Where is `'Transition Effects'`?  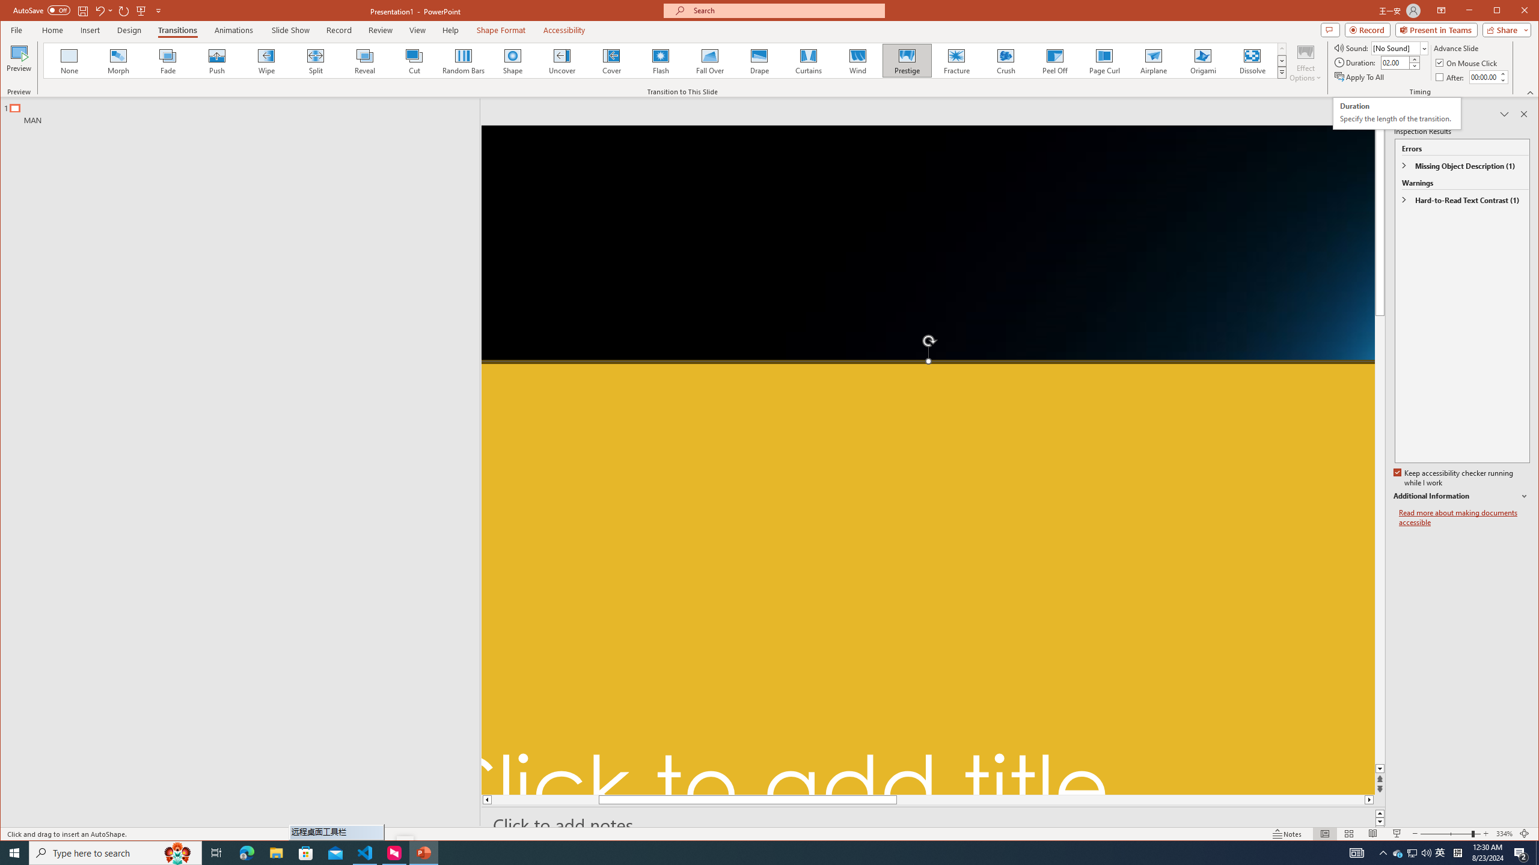
'Transition Effects' is located at coordinates (1281, 71).